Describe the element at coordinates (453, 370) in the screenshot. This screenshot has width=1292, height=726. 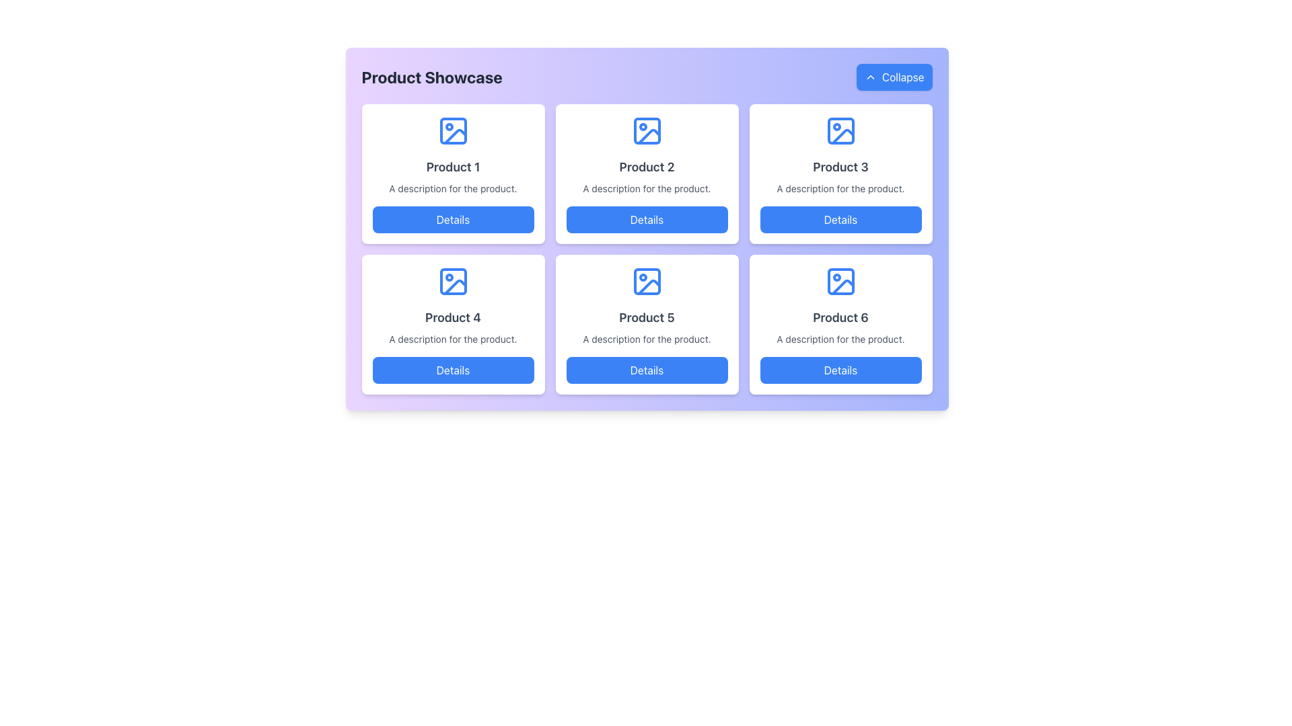
I see `the button located in the fourth card of a grid of six cards, directly under the text 'A description for the product.' to change its color` at that location.